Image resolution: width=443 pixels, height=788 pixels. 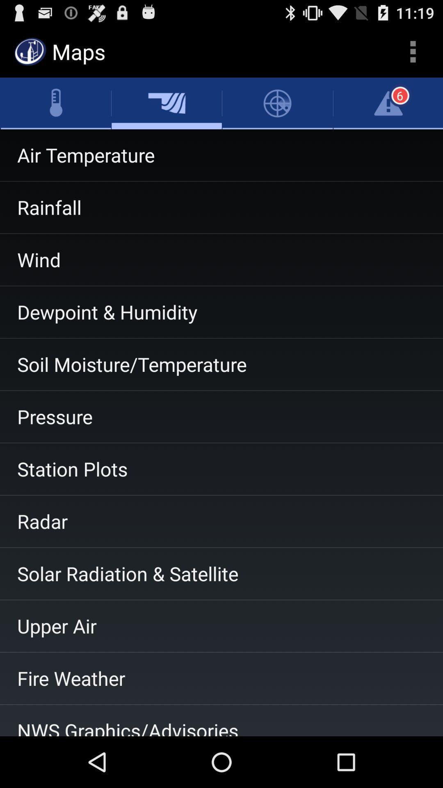 What do you see at coordinates (221, 155) in the screenshot?
I see `air temperature icon` at bounding box center [221, 155].